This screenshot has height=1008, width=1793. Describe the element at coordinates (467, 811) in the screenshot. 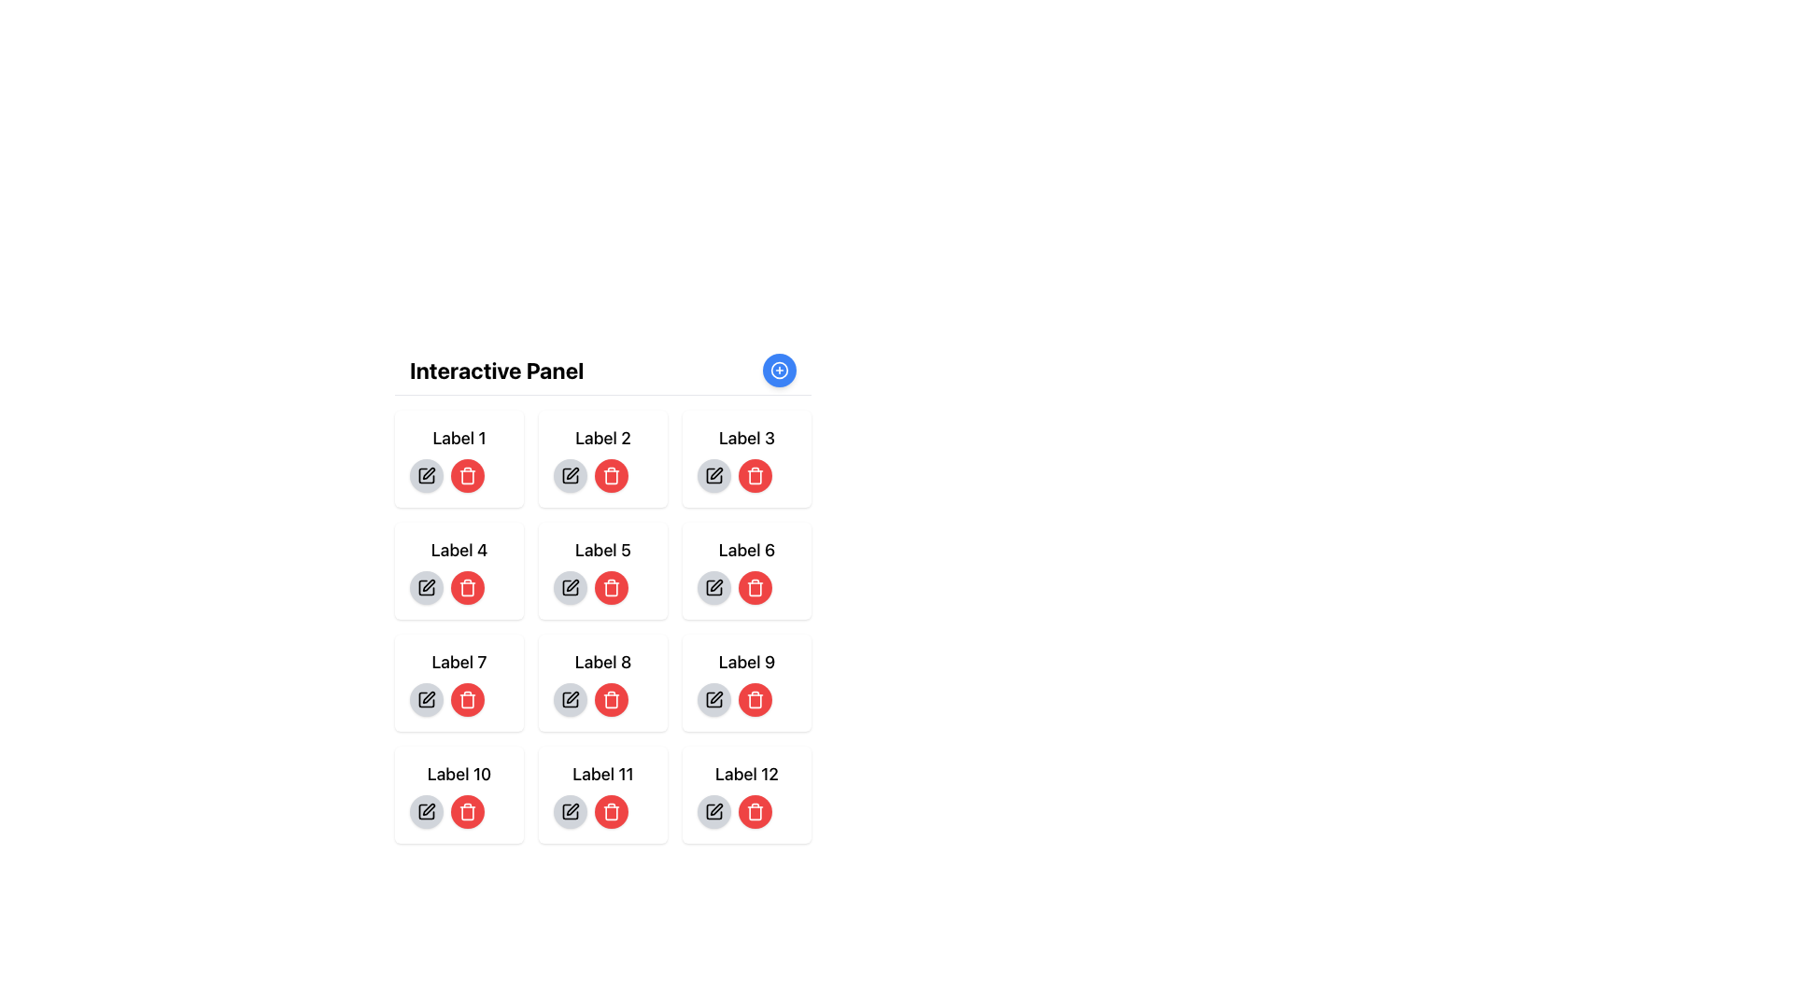

I see `the circular red delete button with a trash can icon, located in the fourth row, first column associated with 'Label 10'` at that location.